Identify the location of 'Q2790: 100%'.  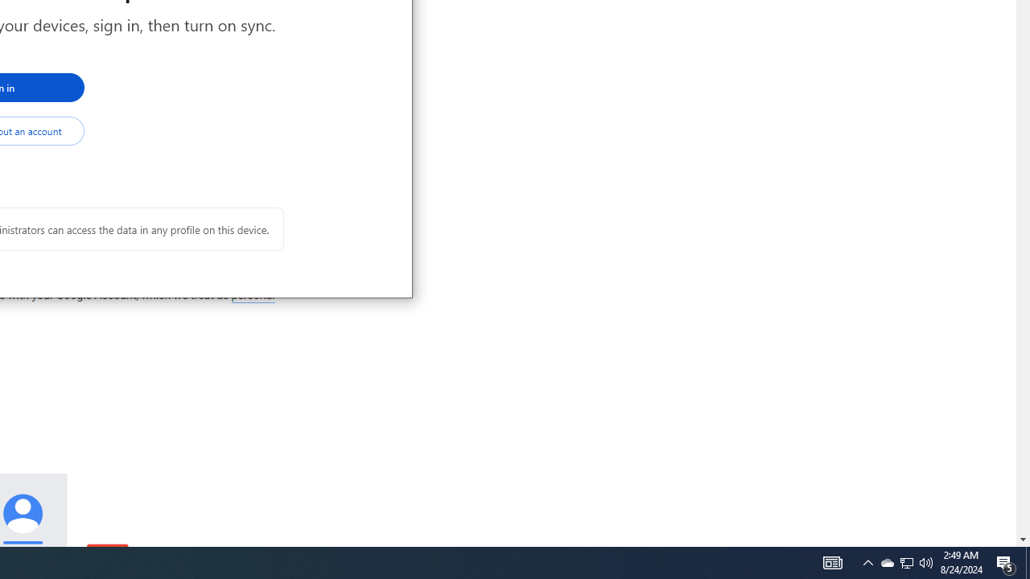
(926, 561).